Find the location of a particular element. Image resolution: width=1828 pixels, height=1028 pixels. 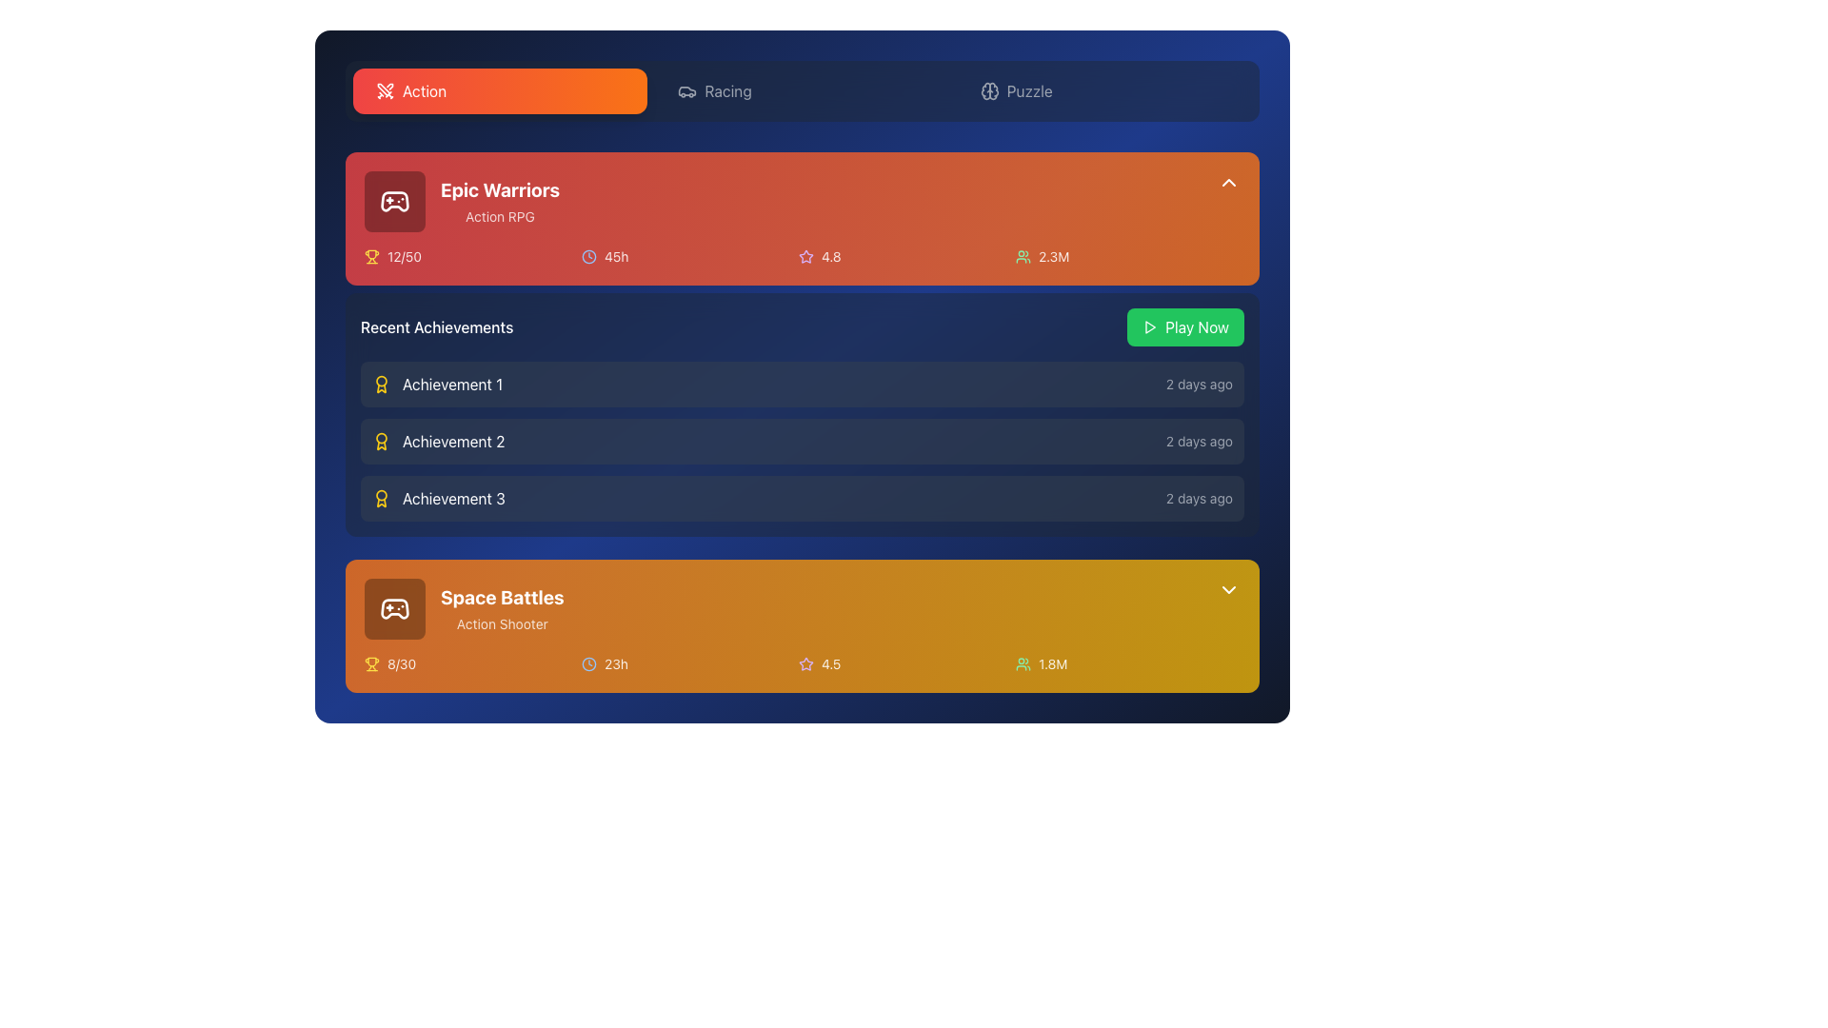

the static text label displaying the number of users or players associated with the 'Space Battles' game, located to the right of the user icon is located at coordinates (1052, 663).